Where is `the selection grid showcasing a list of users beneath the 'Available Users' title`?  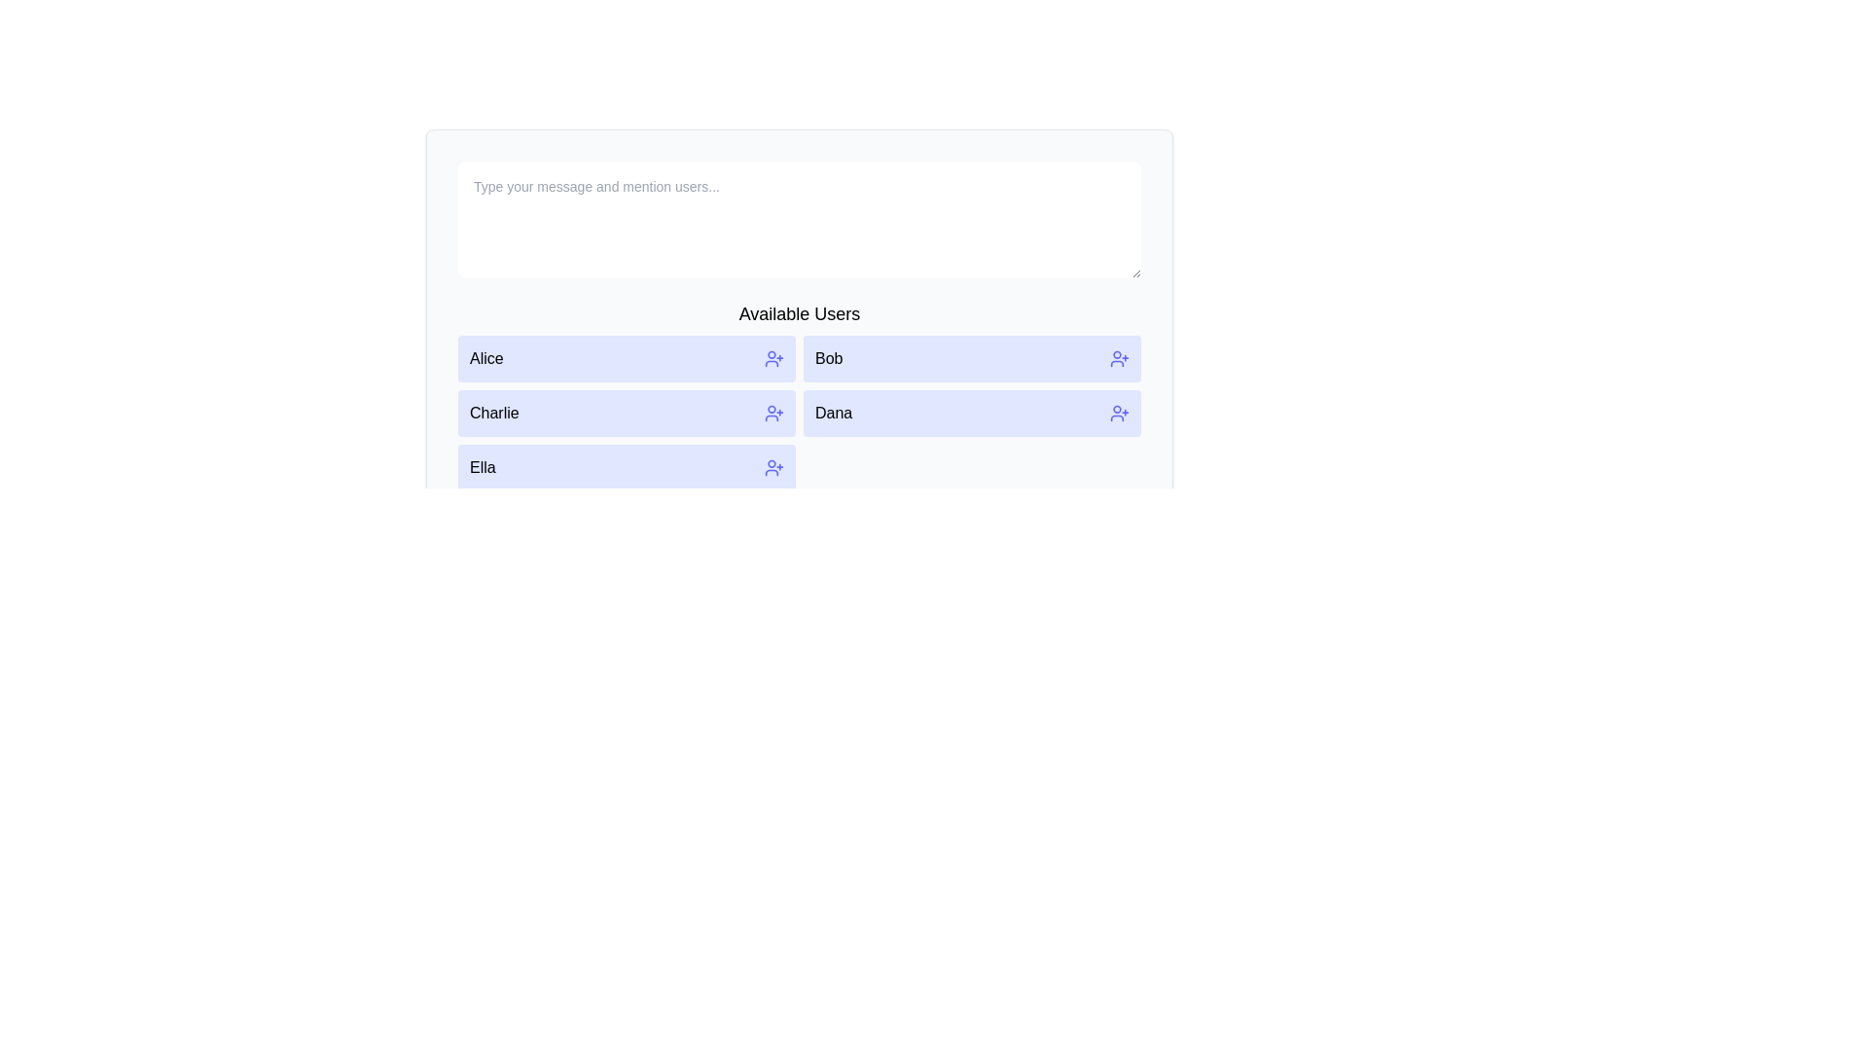
the selection grid showcasing a list of users beneath the 'Available Users' title is located at coordinates (799, 412).